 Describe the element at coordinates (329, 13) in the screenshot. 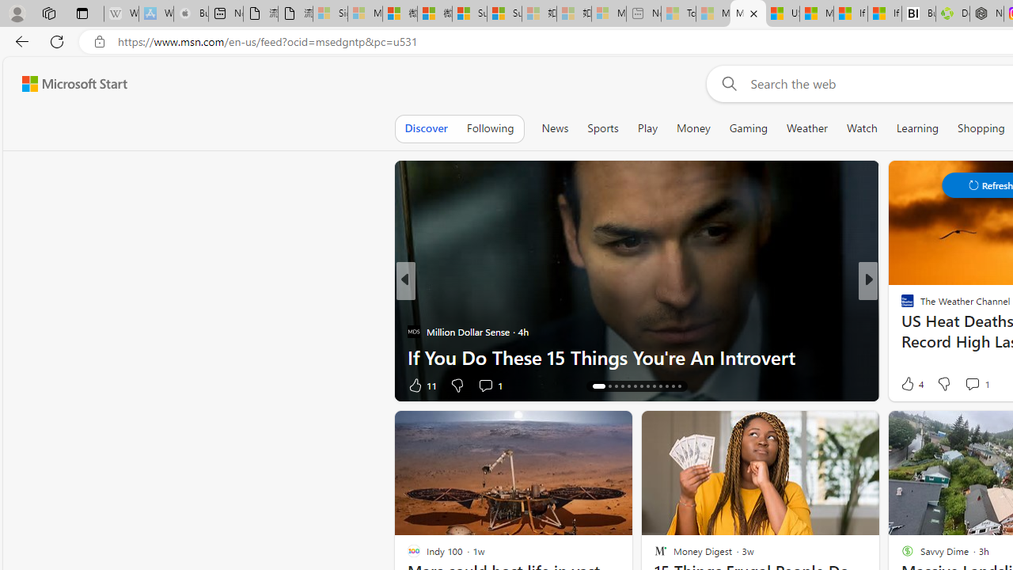

I see `'Sign in to your Microsoft account - Sleeping'` at that location.